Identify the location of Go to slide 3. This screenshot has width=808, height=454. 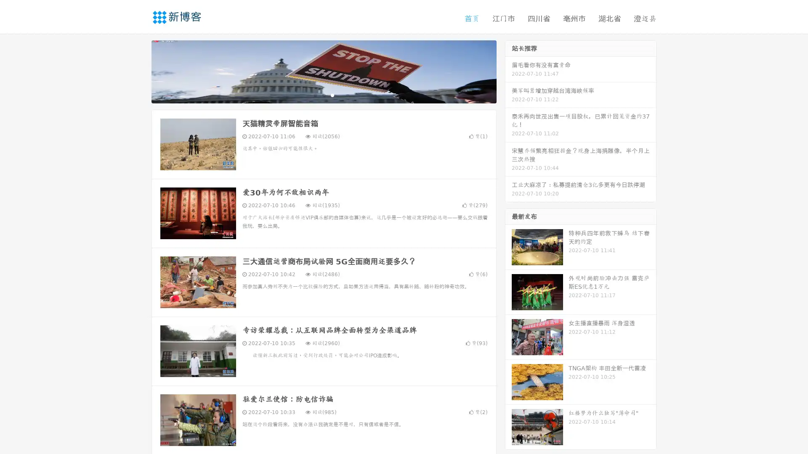
(332, 95).